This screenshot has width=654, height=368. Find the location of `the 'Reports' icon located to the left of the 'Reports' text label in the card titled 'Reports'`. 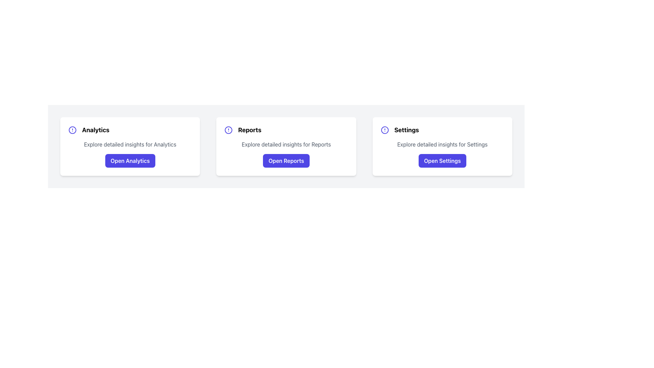

the 'Reports' icon located to the left of the 'Reports' text label in the card titled 'Reports' is located at coordinates (229, 130).